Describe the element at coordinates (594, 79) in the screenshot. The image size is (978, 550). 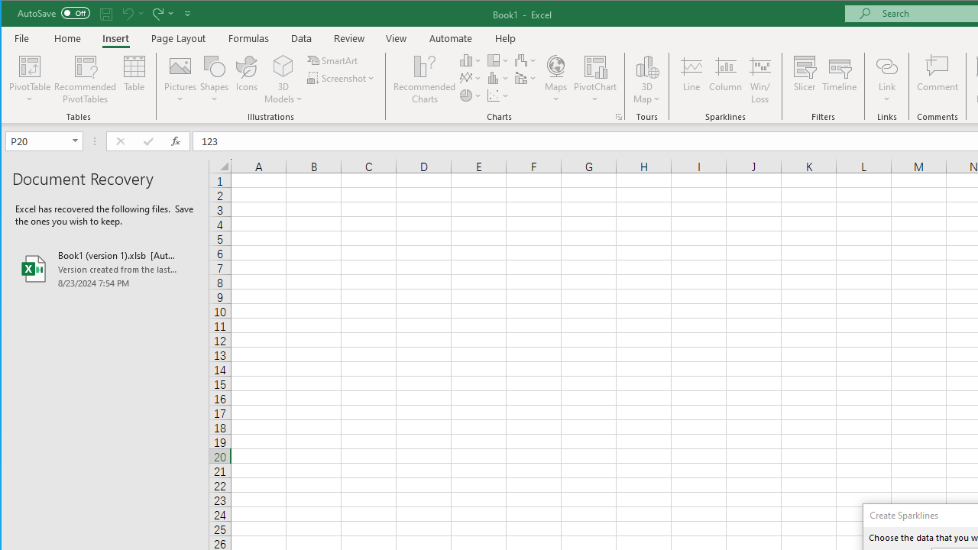
I see `'PivotChart'` at that location.